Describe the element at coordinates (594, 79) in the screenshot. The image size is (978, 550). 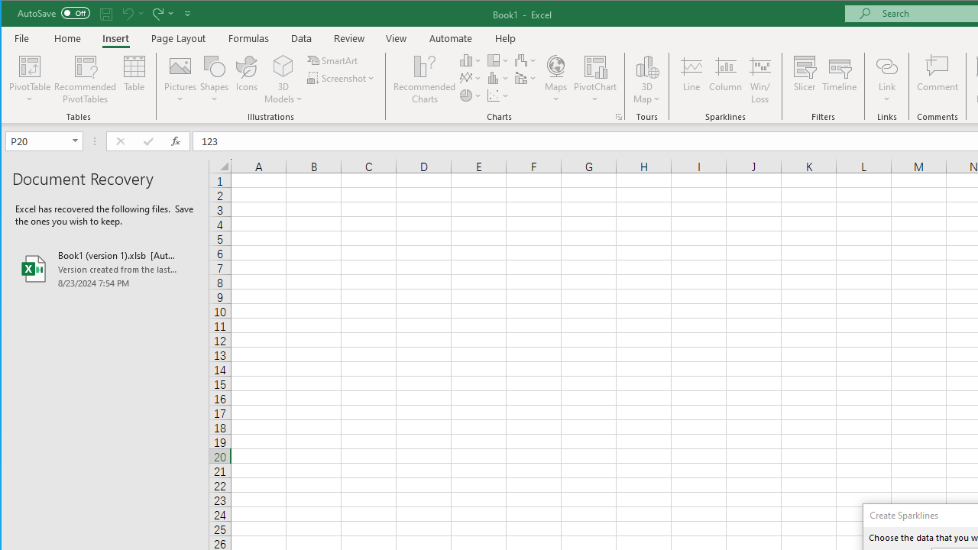
I see `'PivotChart'` at that location.